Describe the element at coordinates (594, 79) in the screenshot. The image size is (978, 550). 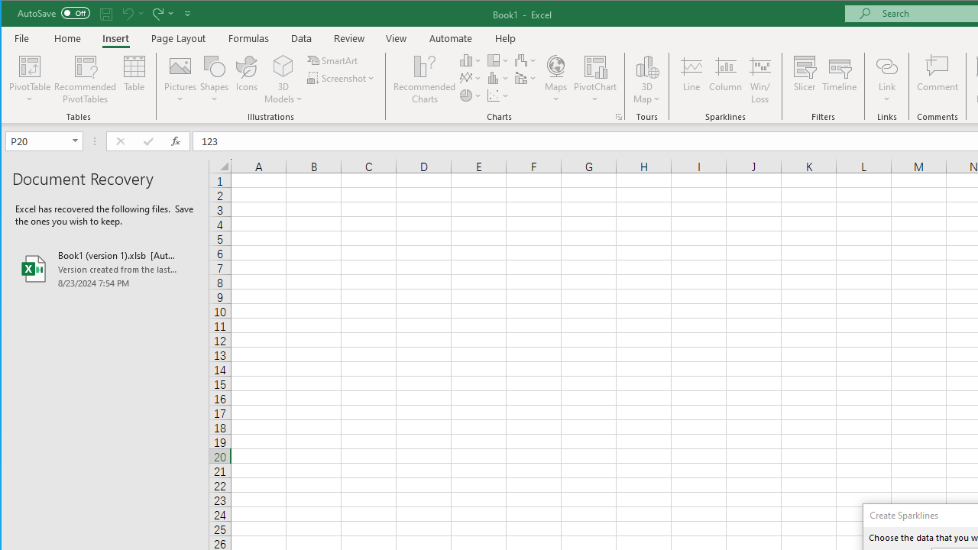
I see `'PivotChart'` at that location.